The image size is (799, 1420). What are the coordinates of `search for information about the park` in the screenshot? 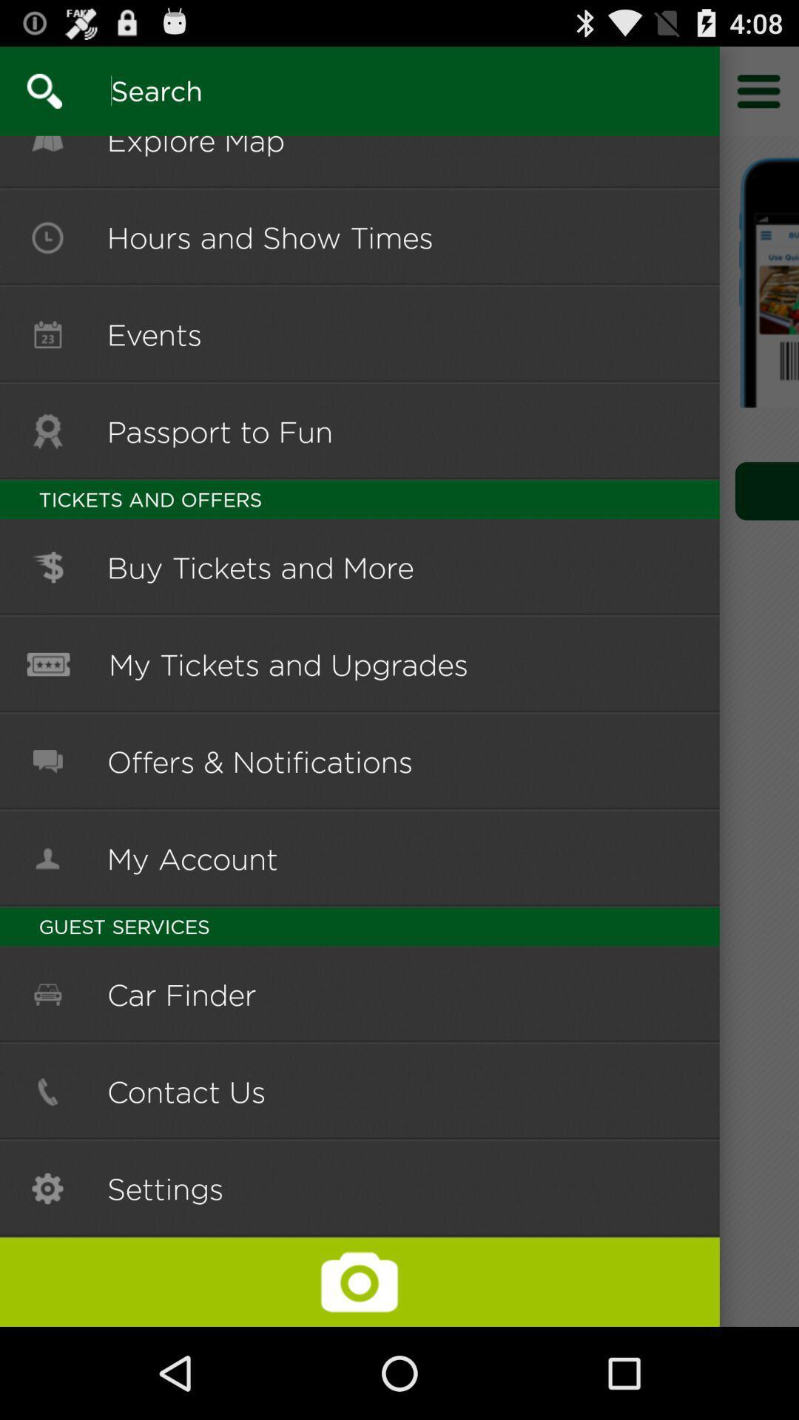 It's located at (31, 90).